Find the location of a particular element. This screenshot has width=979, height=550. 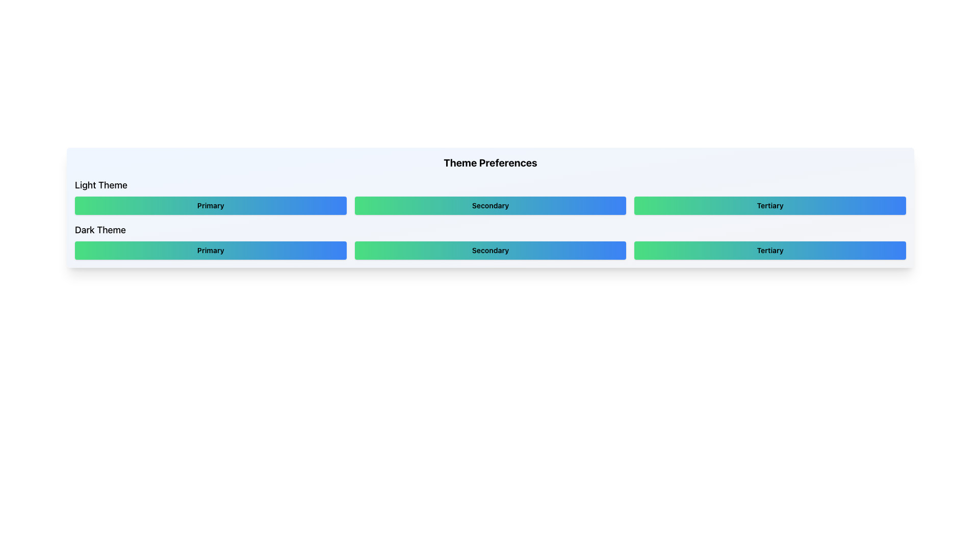

the 'Secondary' button, which is a green to blue gradient button with rounded edges and bold black text, positioned between 'Primary' and 'Tertiary' buttons is located at coordinates (490, 206).